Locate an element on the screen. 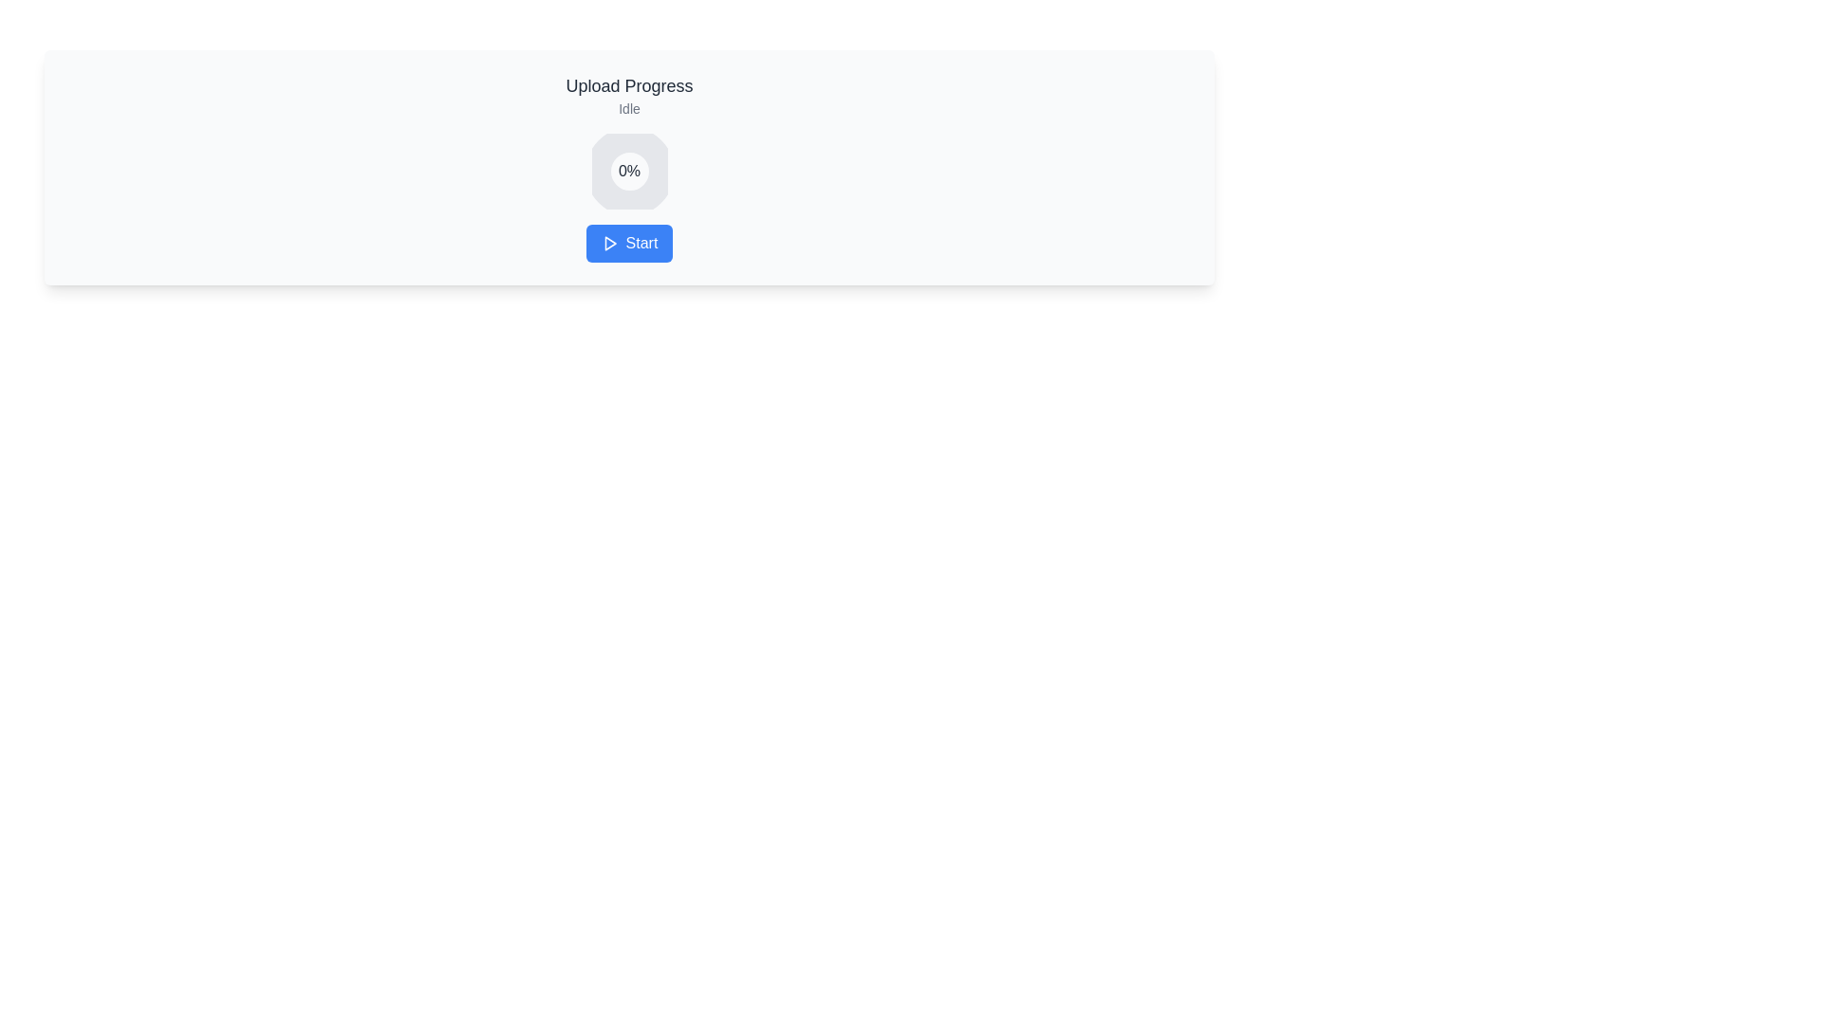 The height and width of the screenshot is (1024, 1822). the circular graphical element aligned with the text '0%' on a white background, located in the 'Upload Progress' section is located at coordinates (629, 172).